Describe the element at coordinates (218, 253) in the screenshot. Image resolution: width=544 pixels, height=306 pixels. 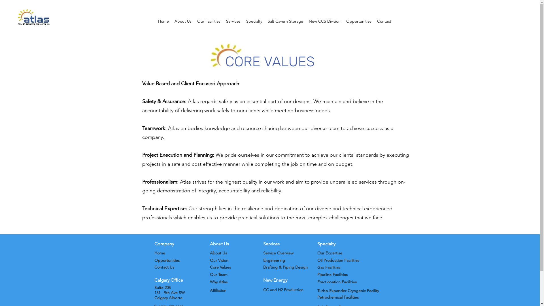
I see `'About Us'` at that location.